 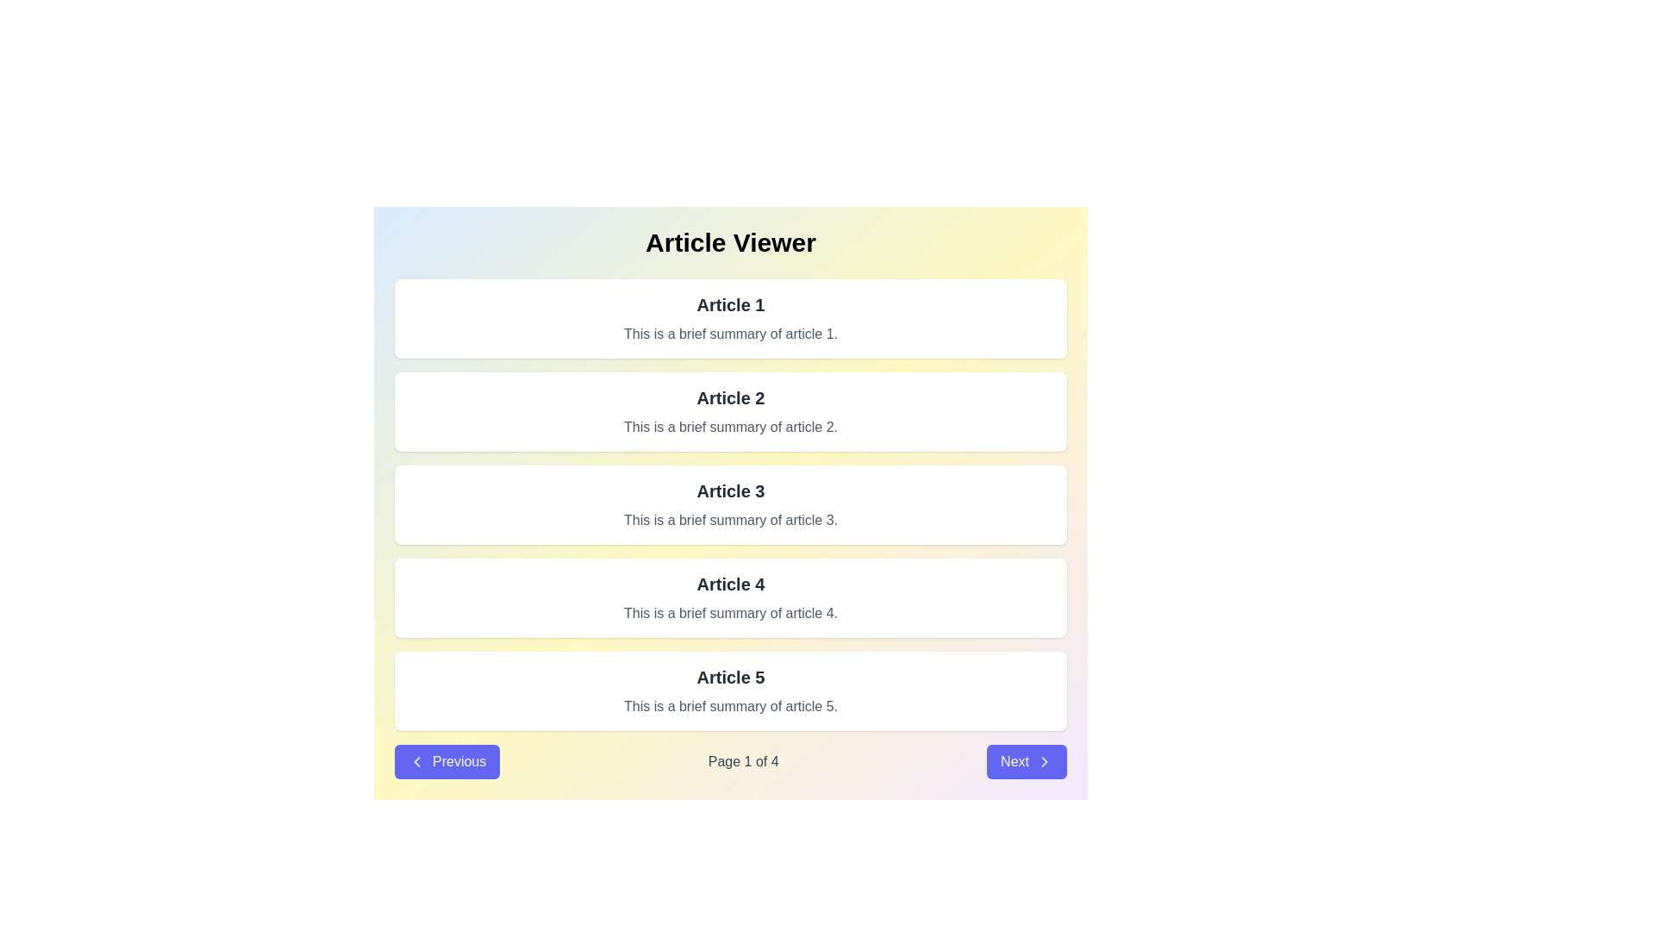 I want to click on the text content providing a summary for 'Article 1', located within the card component, below the bolded title and centrally aligned, so click(x=731, y=334).